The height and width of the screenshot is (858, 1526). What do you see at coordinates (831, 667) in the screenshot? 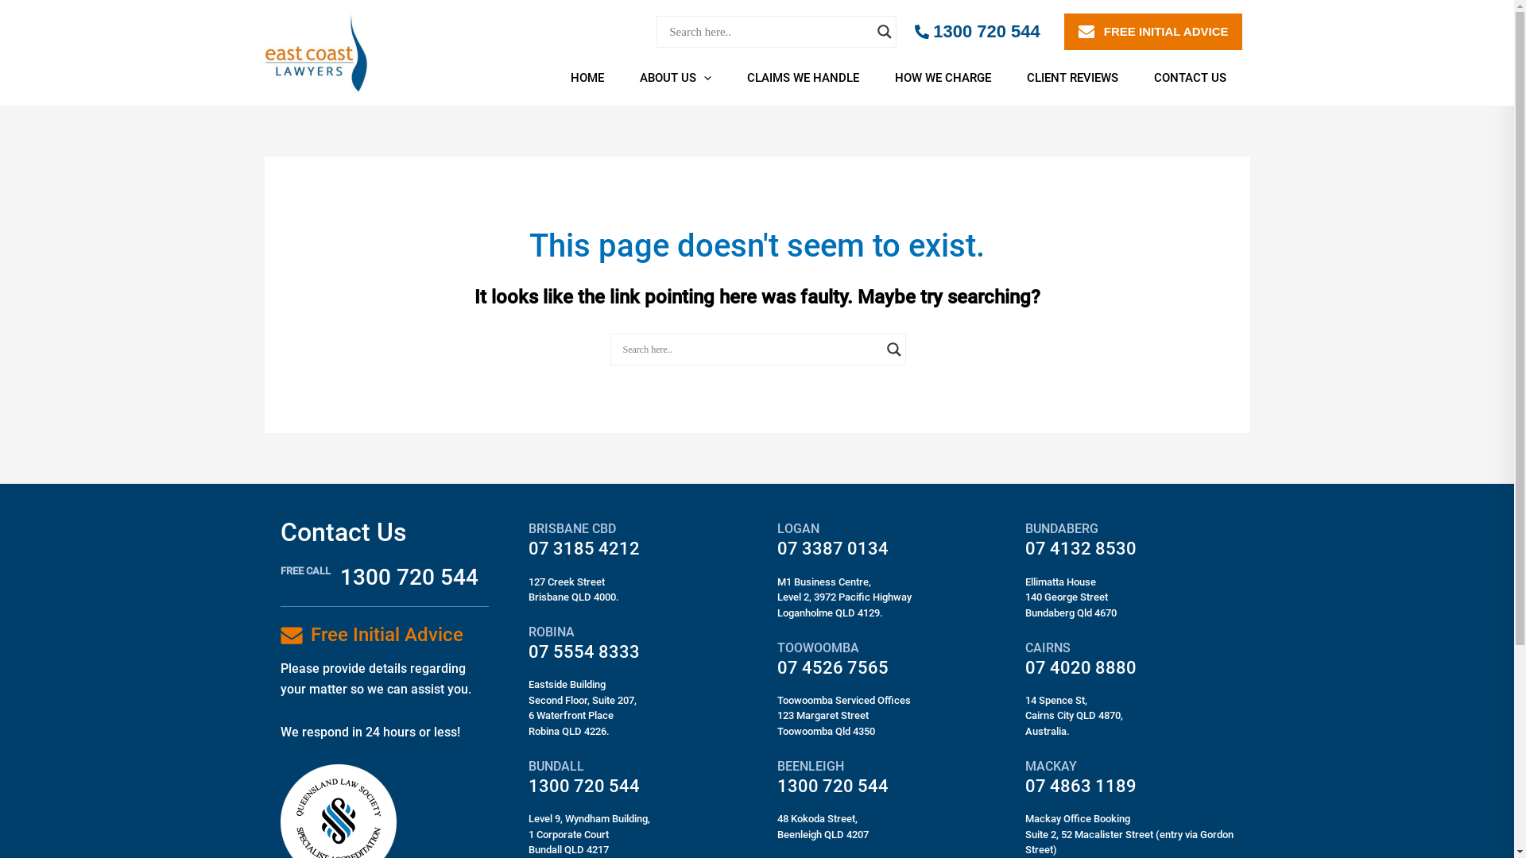
I see `'07 4526 7565'` at bounding box center [831, 667].